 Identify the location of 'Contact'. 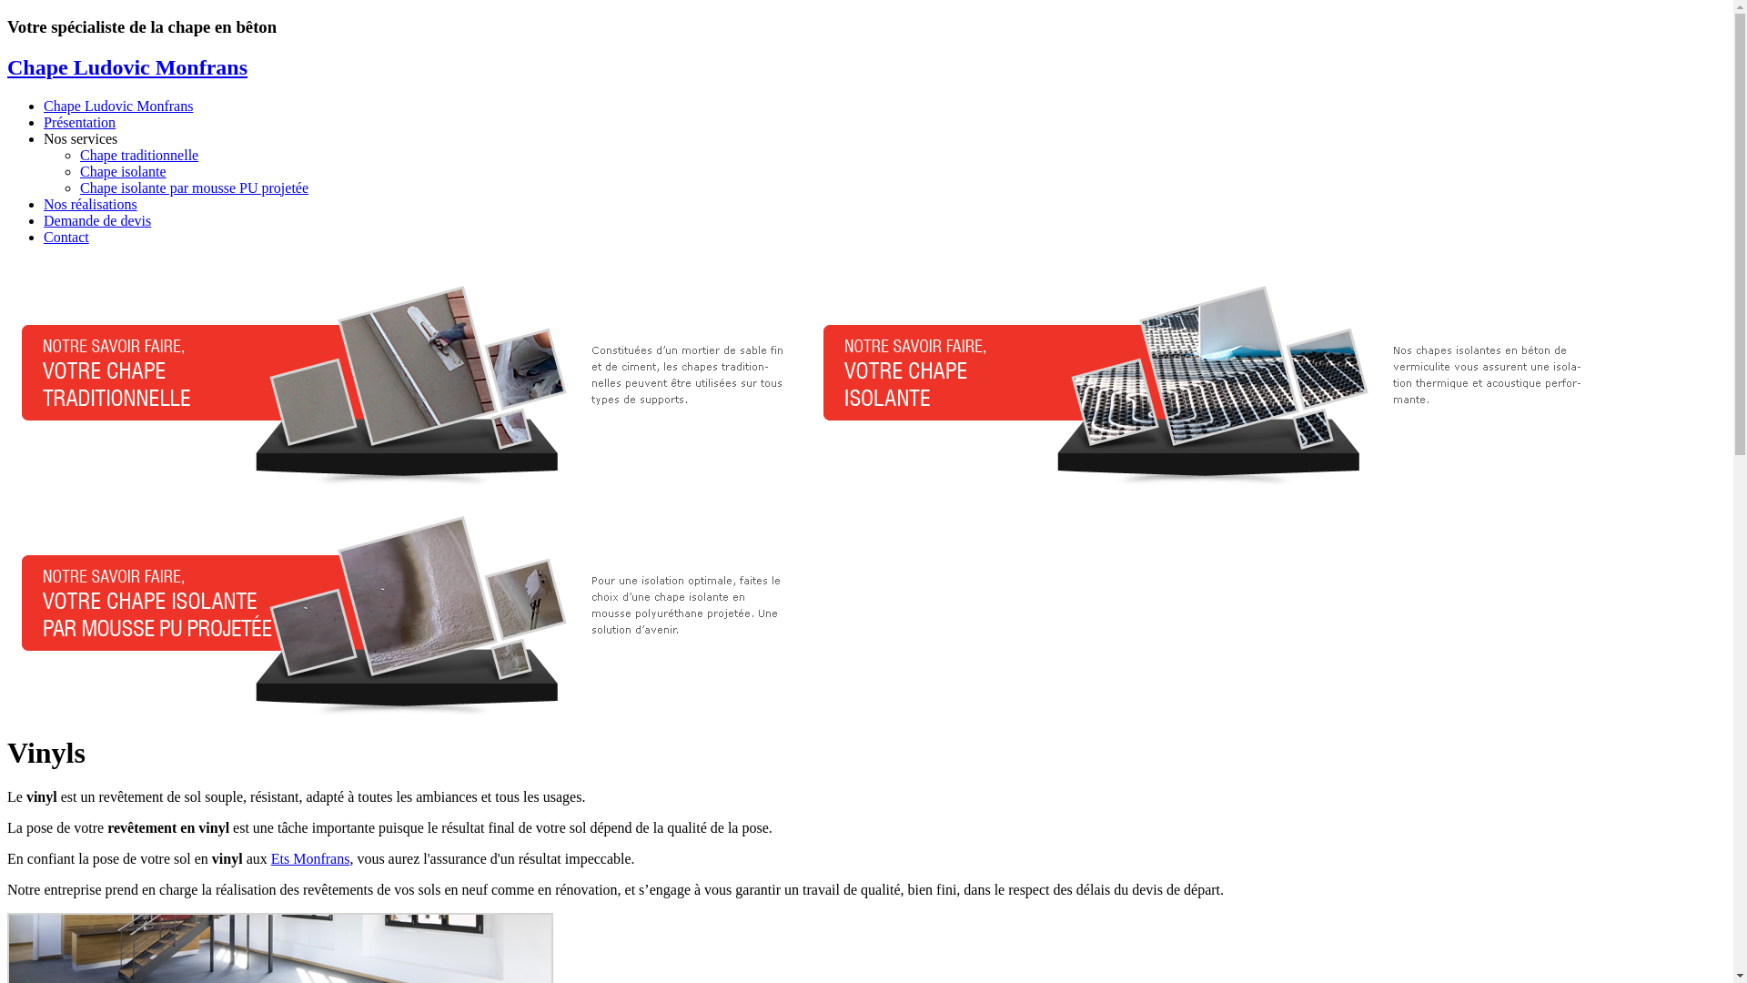
(66, 236).